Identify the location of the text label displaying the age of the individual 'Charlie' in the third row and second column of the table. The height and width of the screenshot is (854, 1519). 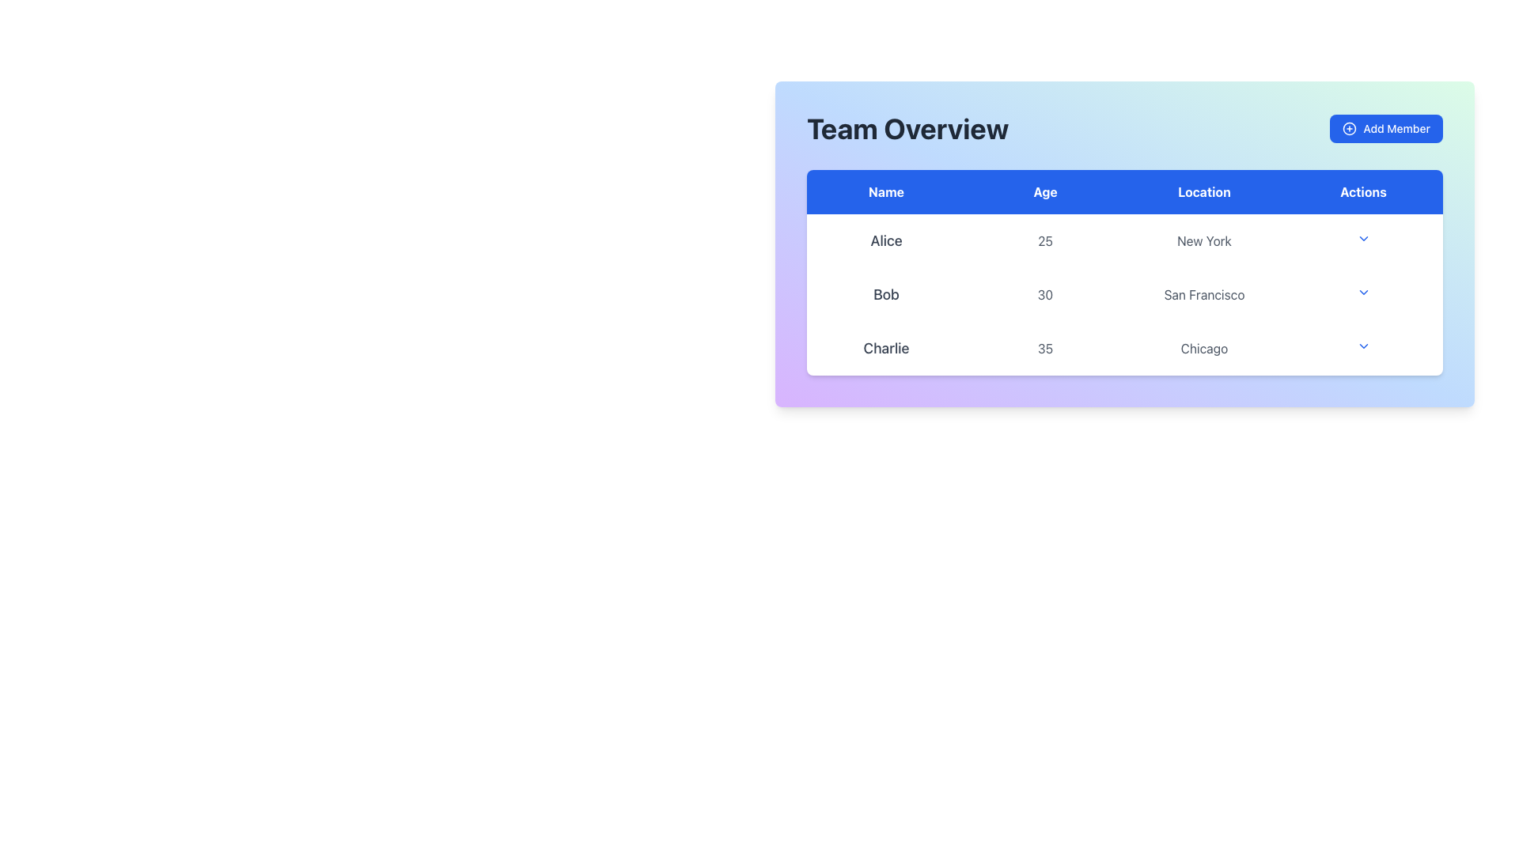
(1045, 347).